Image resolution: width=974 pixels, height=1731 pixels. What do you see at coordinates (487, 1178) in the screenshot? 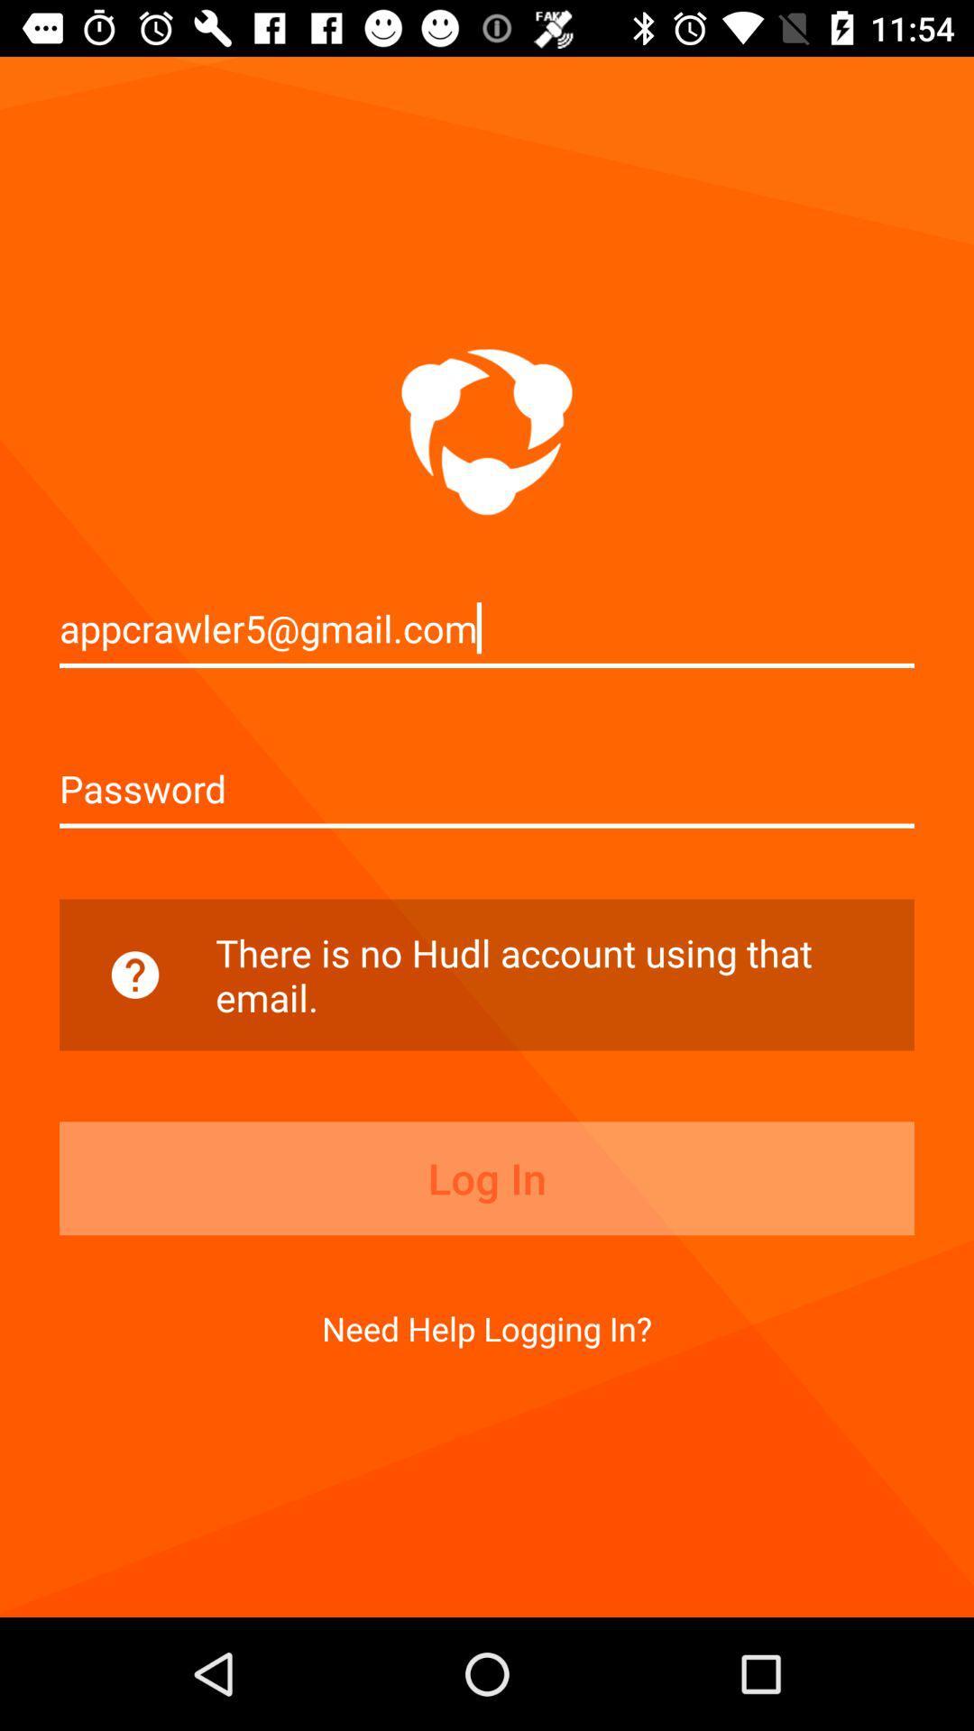
I see `log in item` at bounding box center [487, 1178].